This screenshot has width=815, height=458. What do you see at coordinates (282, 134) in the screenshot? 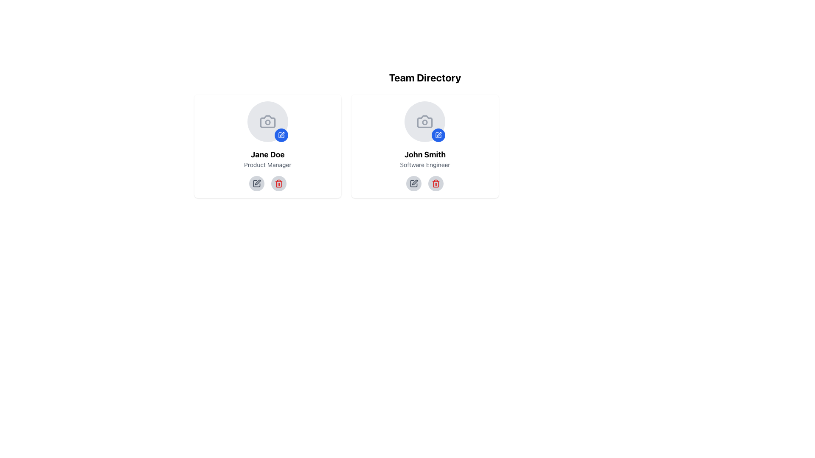
I see `the editing icon for the profile picture of 'Jane Doe', which is located near the image placeholder in the profile card` at bounding box center [282, 134].